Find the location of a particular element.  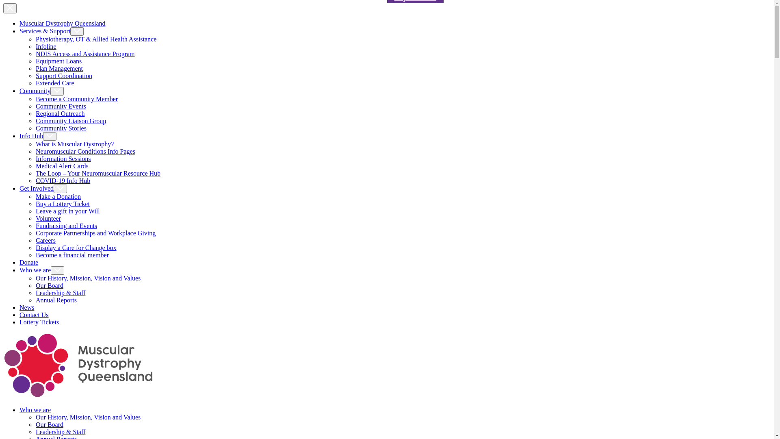

'Support Coordination' is located at coordinates (63, 76).